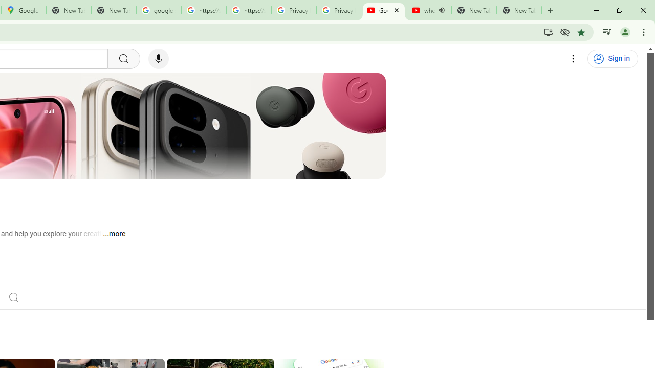 This screenshot has width=655, height=368. What do you see at coordinates (581, 31) in the screenshot?
I see `'Bookmark this tab'` at bounding box center [581, 31].